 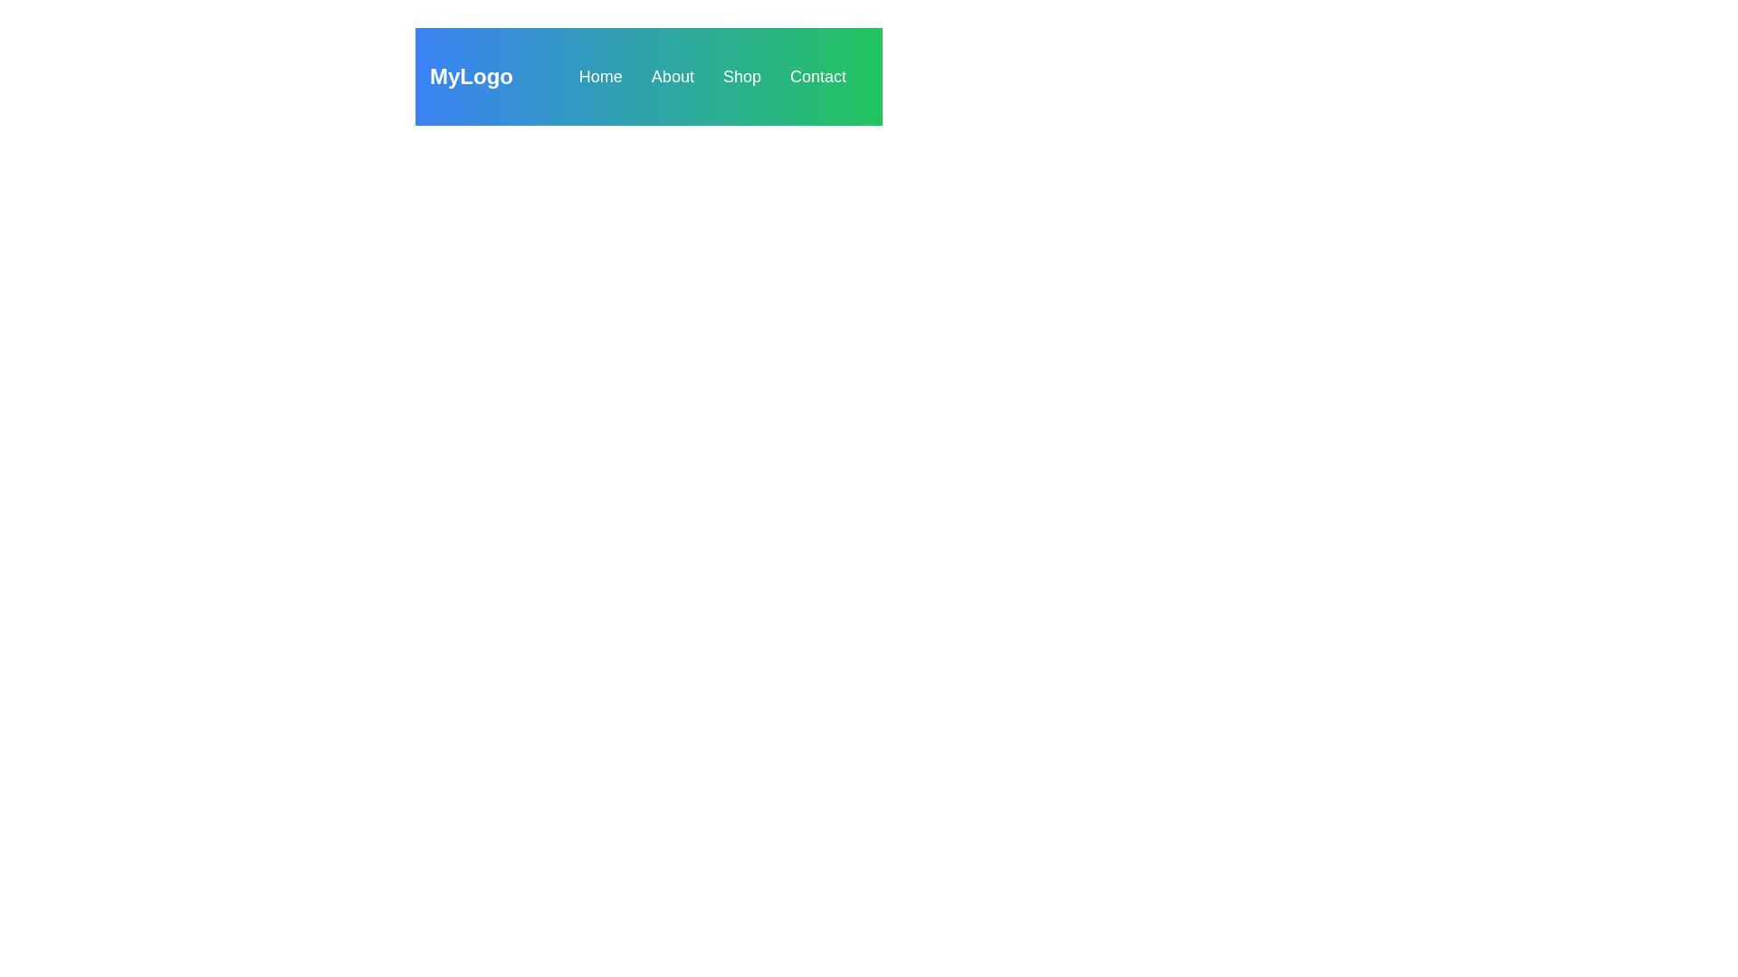 I want to click on the 'Contact' hyperlink in the navigation menu, so click(x=816, y=75).